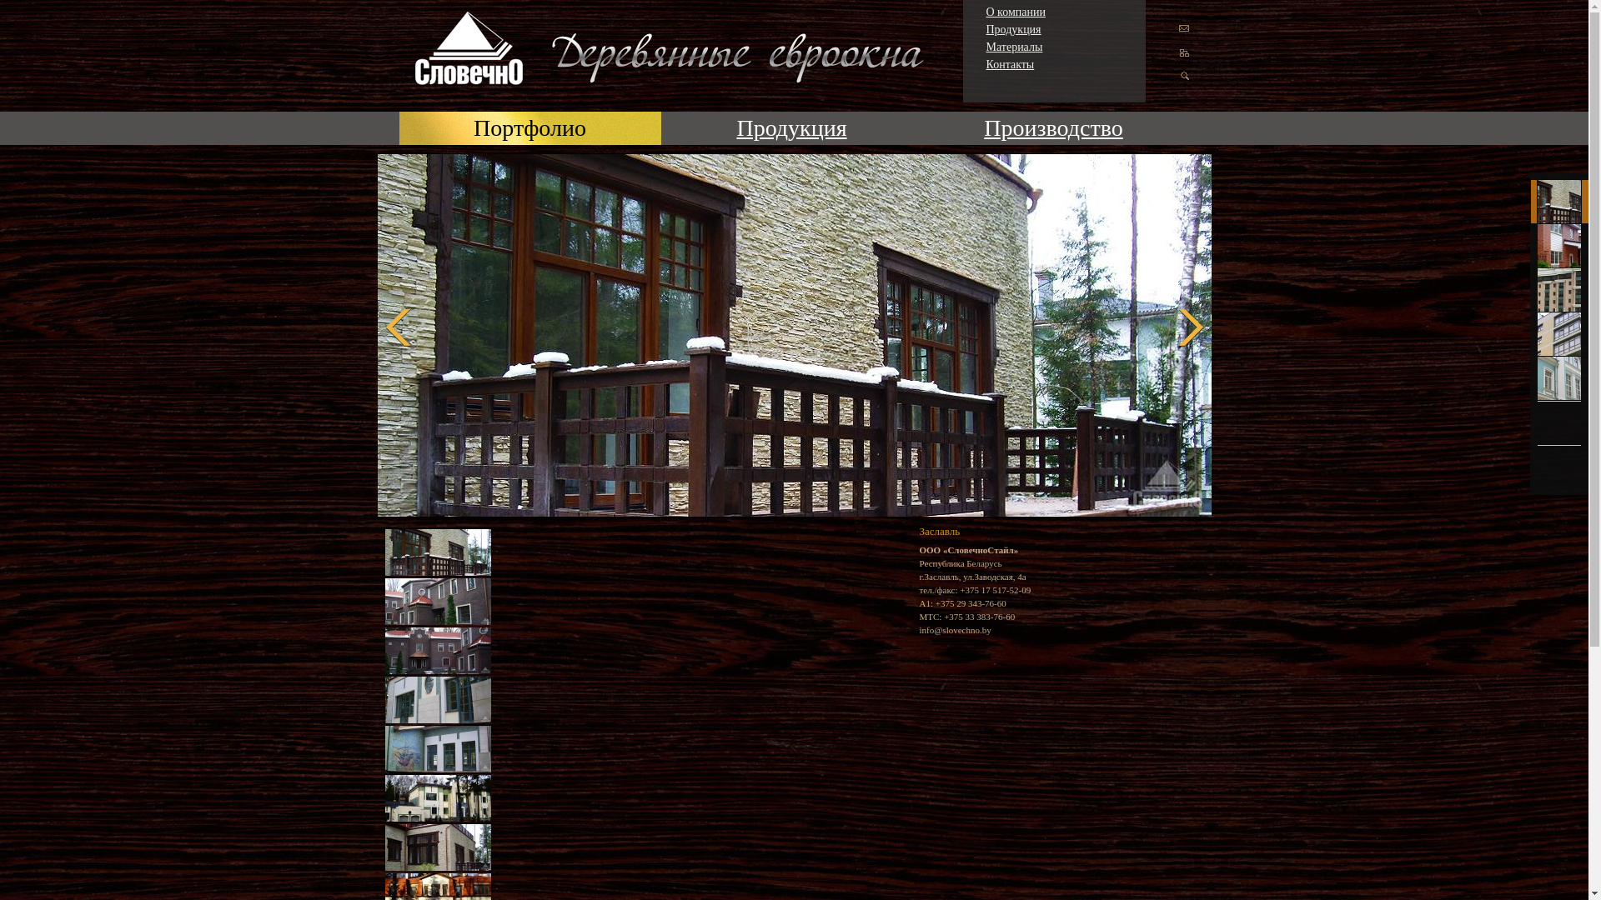  Describe the element at coordinates (955, 630) in the screenshot. I see `'info@slovechno.by'` at that location.